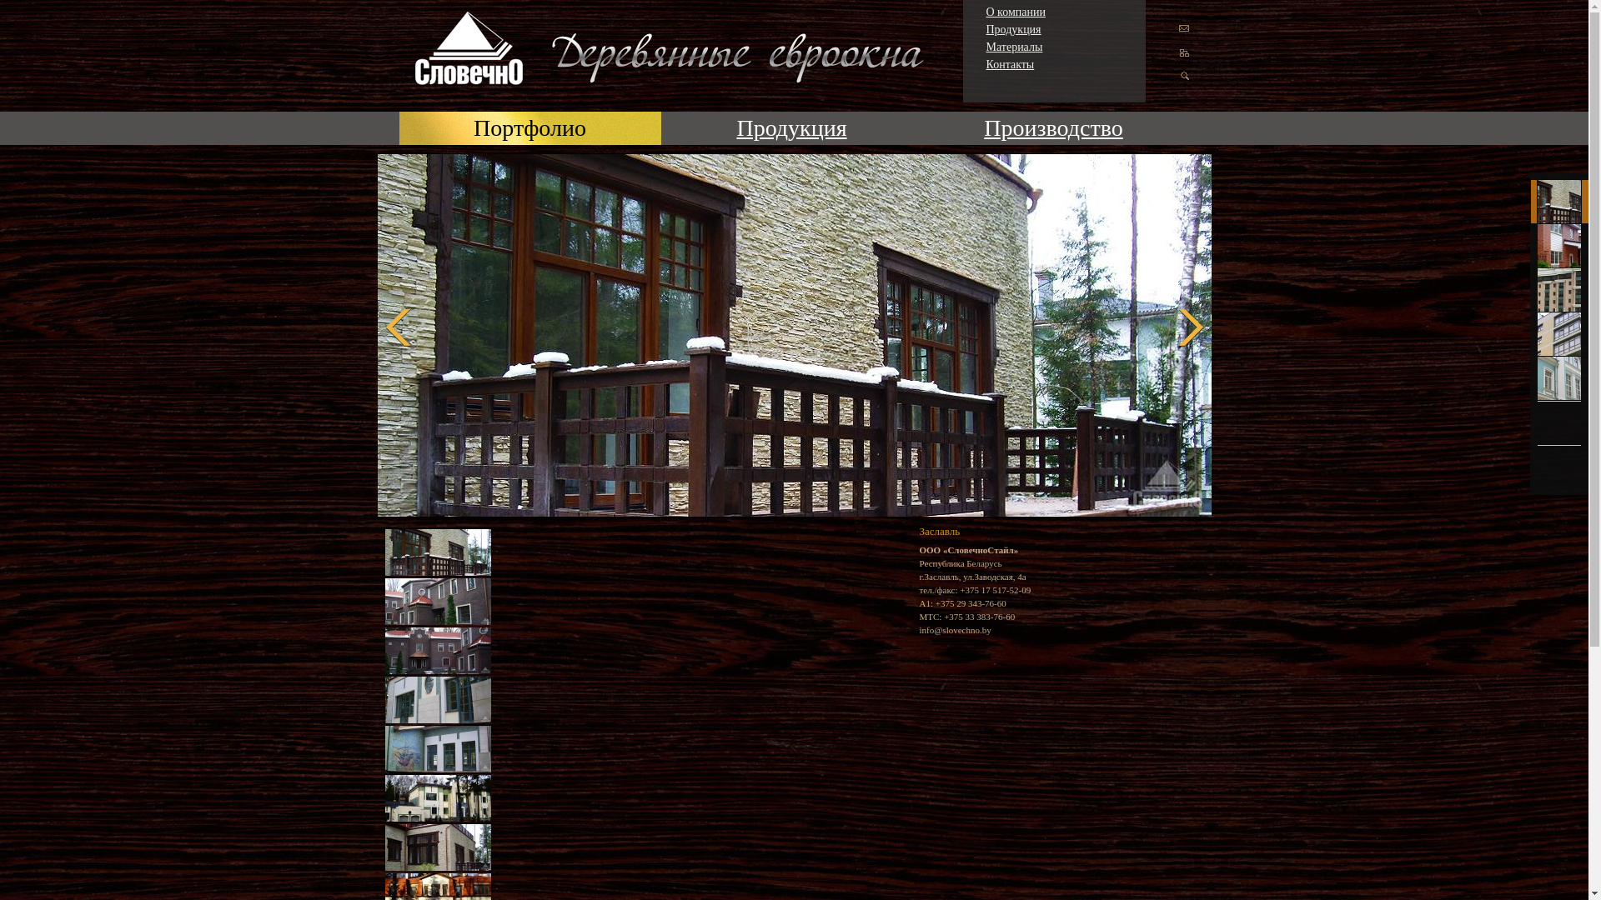  Describe the element at coordinates (955, 630) in the screenshot. I see `'info@slovechno.by'` at that location.